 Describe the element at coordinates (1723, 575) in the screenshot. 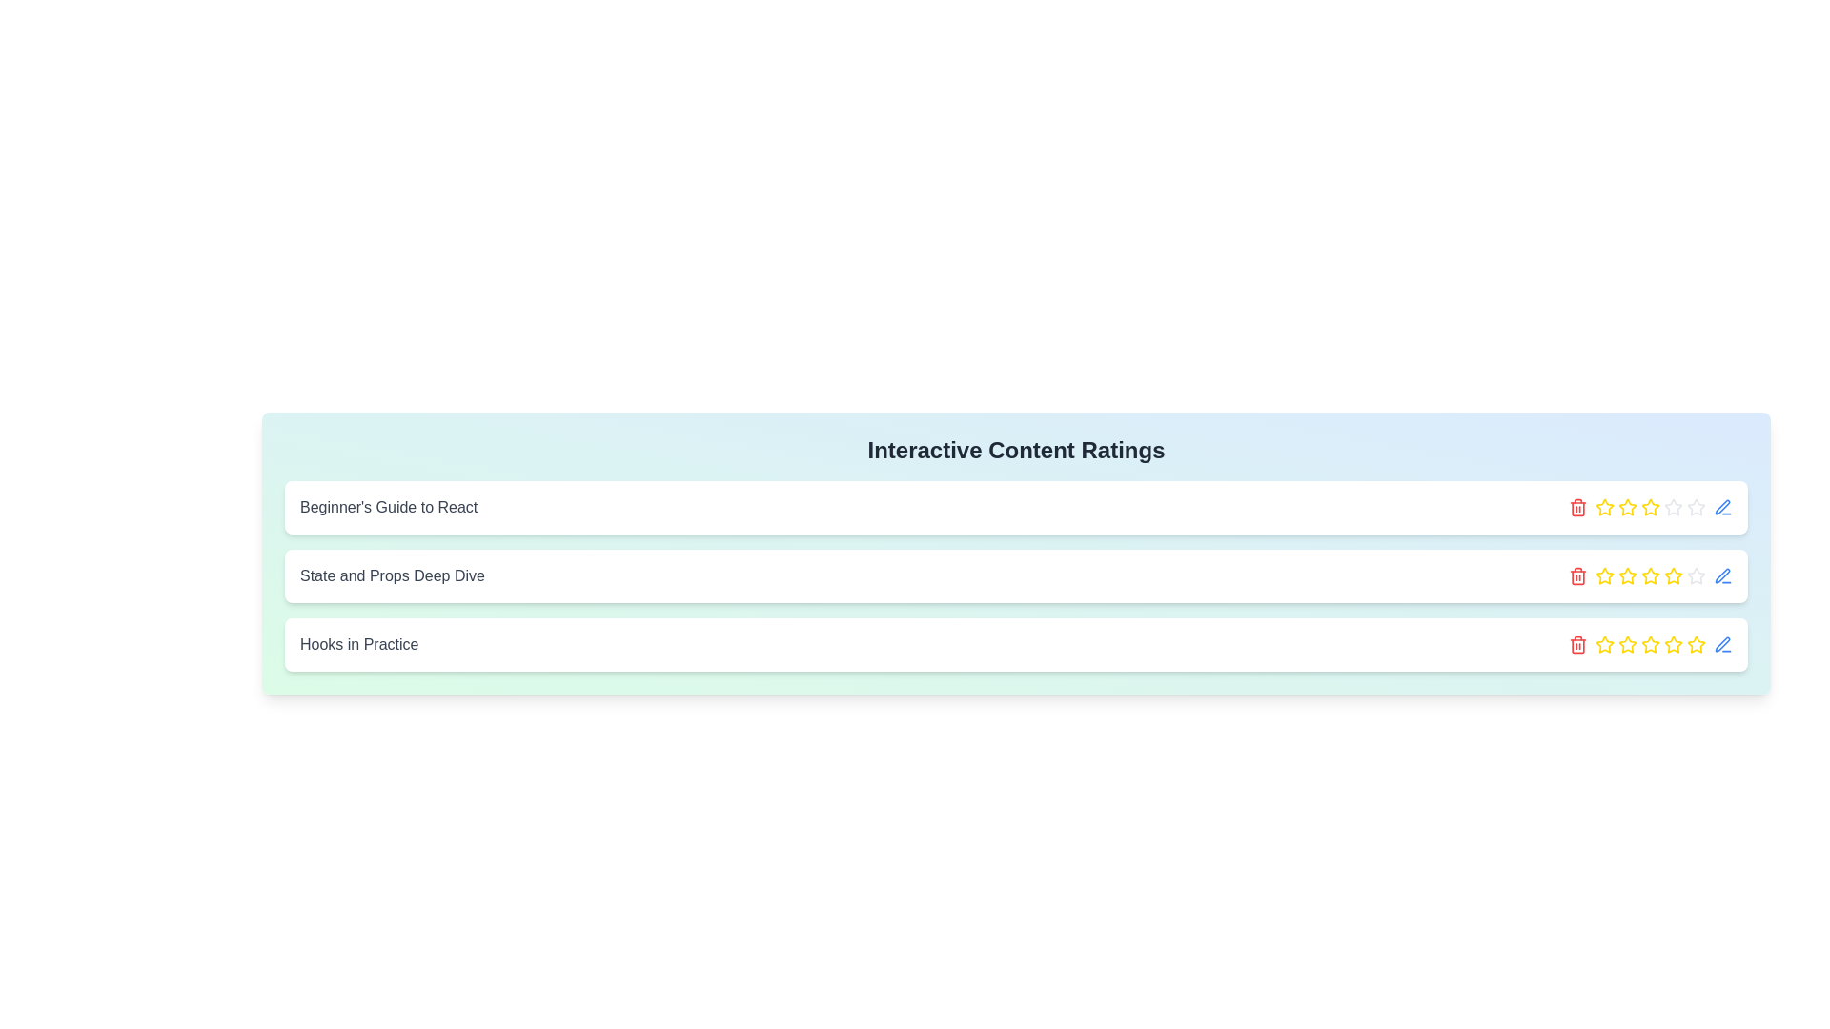

I see `the blue edit icon button located at the right-most end of the interactive row` at that location.